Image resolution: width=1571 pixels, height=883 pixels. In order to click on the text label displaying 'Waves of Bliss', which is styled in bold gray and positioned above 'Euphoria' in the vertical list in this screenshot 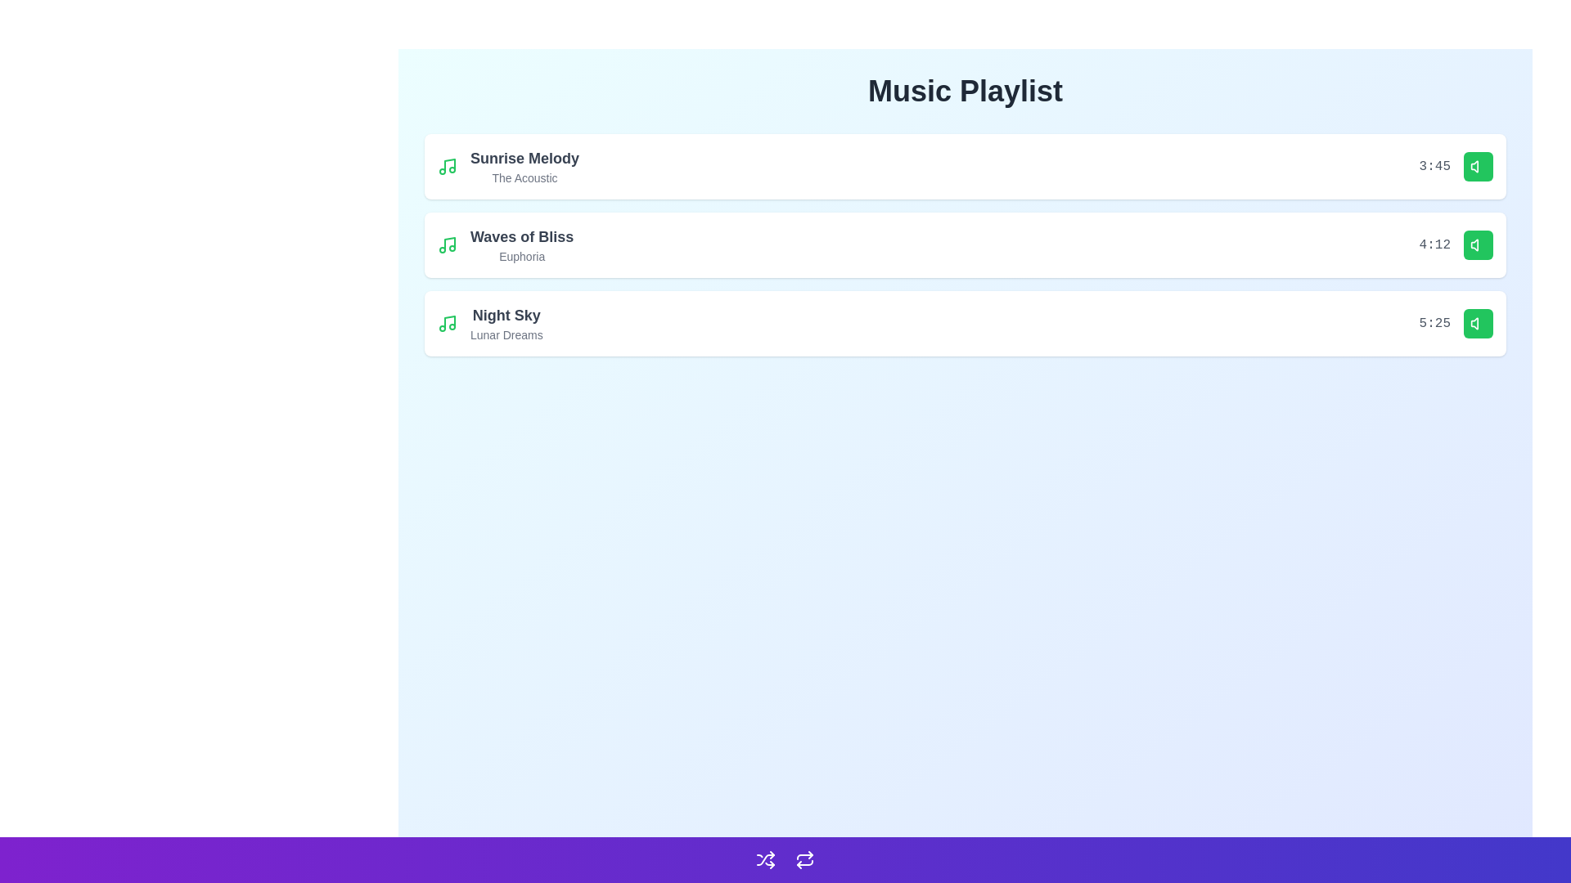, I will do `click(521, 236)`.